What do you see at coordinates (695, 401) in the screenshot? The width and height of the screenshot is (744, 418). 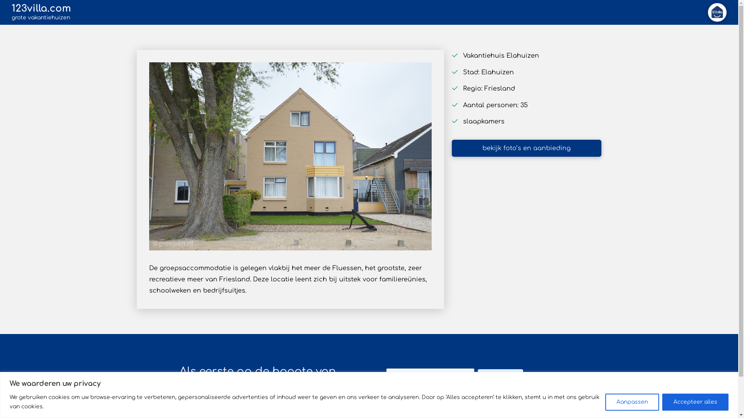 I see `'Accepteer alles'` at bounding box center [695, 401].